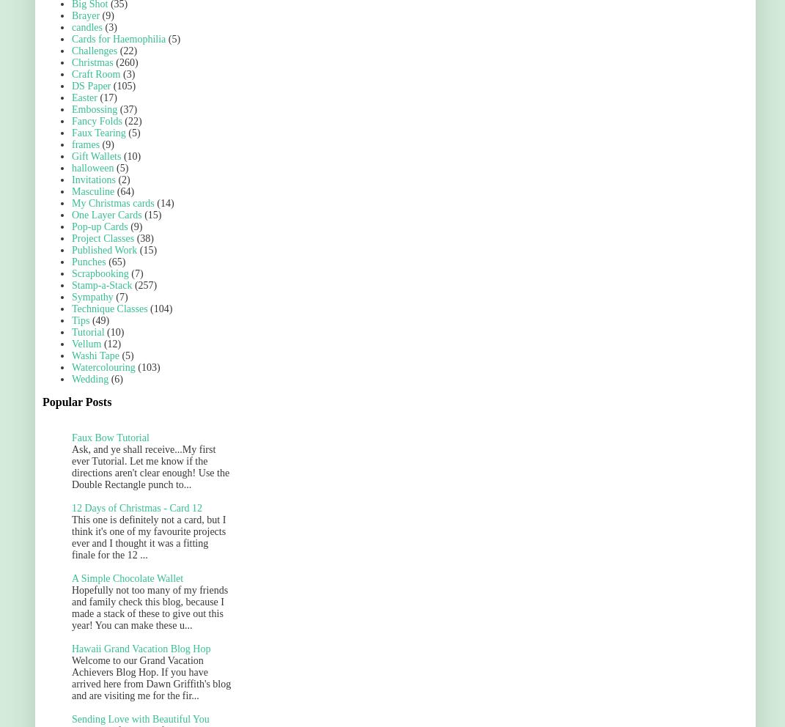 The height and width of the screenshot is (727, 785). Describe the element at coordinates (147, 537) in the screenshot. I see `'This one is definitely not a card, but I think it's one of my favourite projects ever  and I thought it was a fitting finale for the 12 ...'` at that location.